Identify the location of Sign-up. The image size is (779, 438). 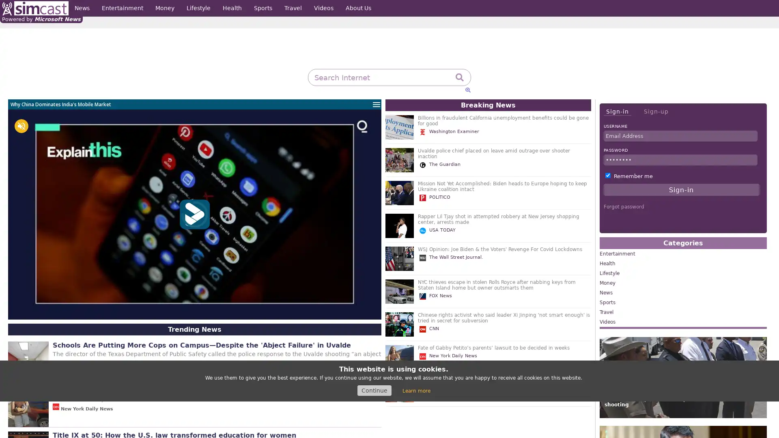
(656, 111).